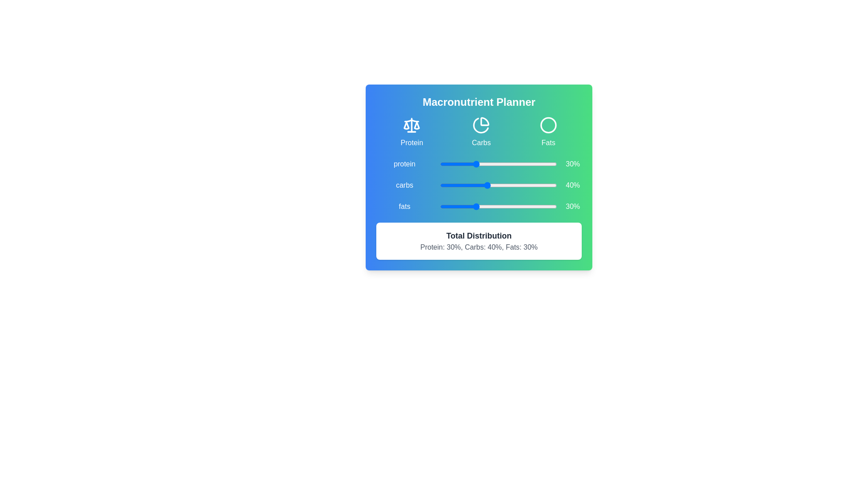 The width and height of the screenshot is (850, 478). What do you see at coordinates (492, 164) in the screenshot?
I see `the protein percentage` at bounding box center [492, 164].